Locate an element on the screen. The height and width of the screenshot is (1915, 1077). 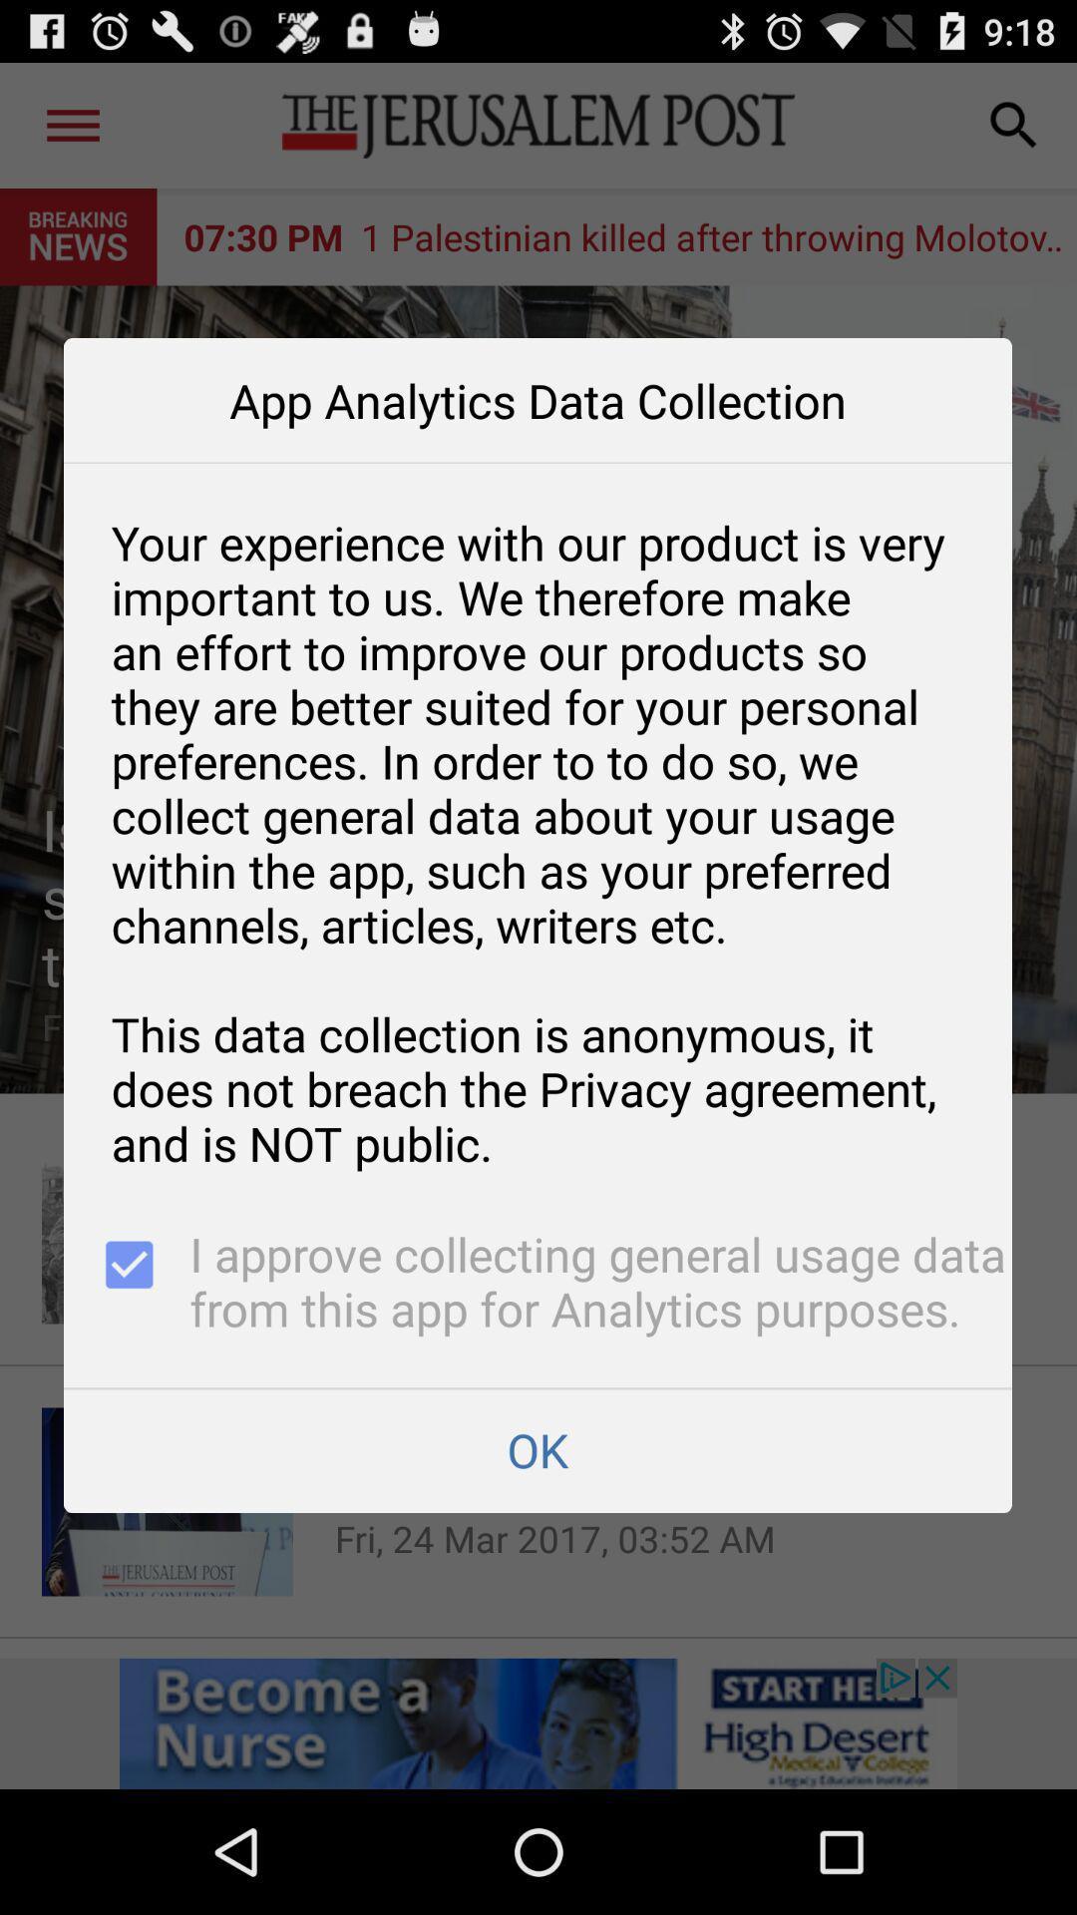
the item above ok is located at coordinates (127, 1285).